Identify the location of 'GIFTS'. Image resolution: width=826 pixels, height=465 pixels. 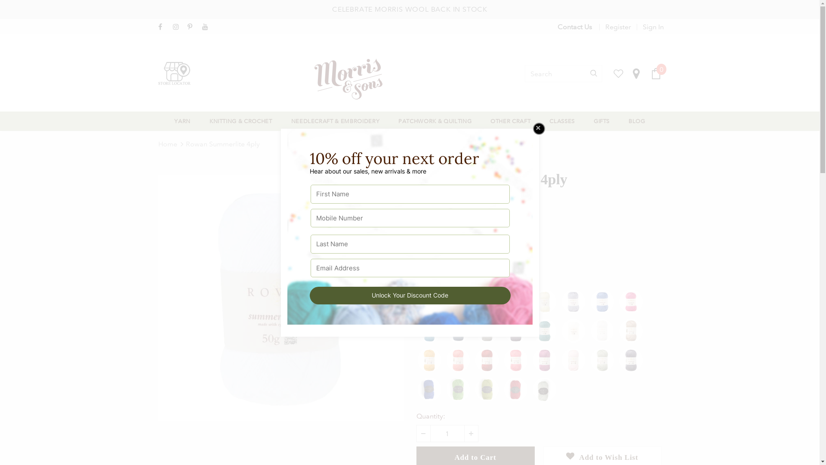
(601, 121).